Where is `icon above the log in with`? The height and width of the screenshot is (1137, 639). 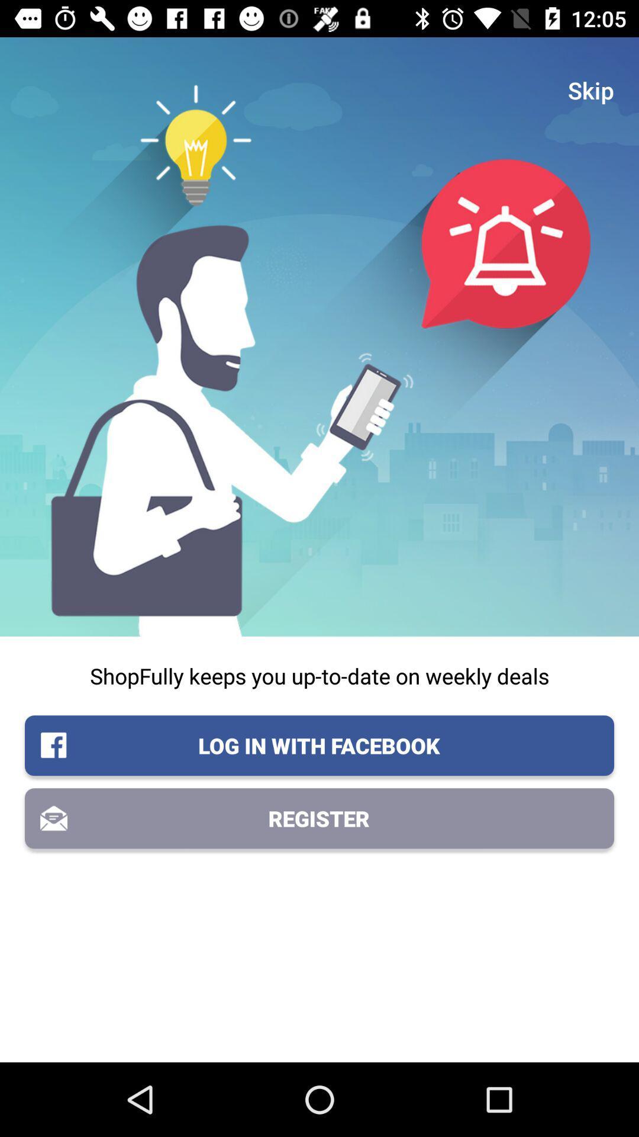
icon above the log in with is located at coordinates (319, 676).